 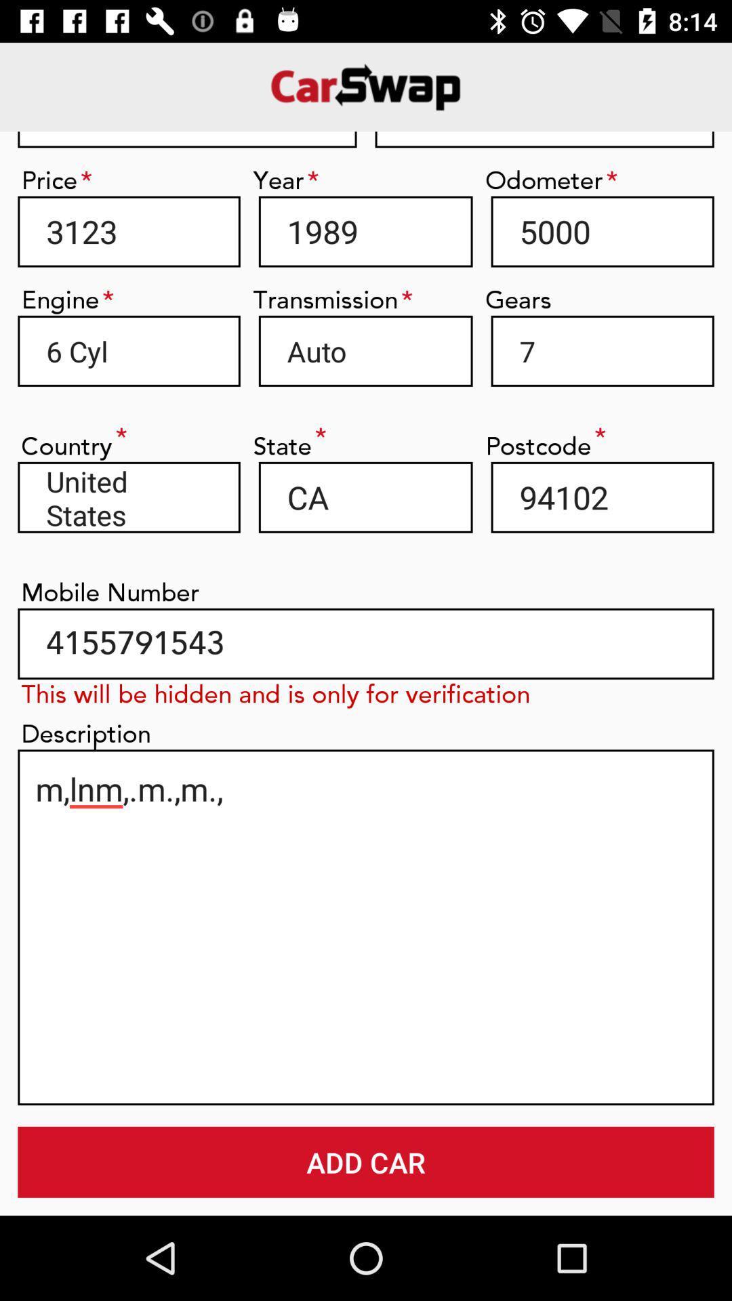 I want to click on the icon above gears item, so click(x=602, y=231).